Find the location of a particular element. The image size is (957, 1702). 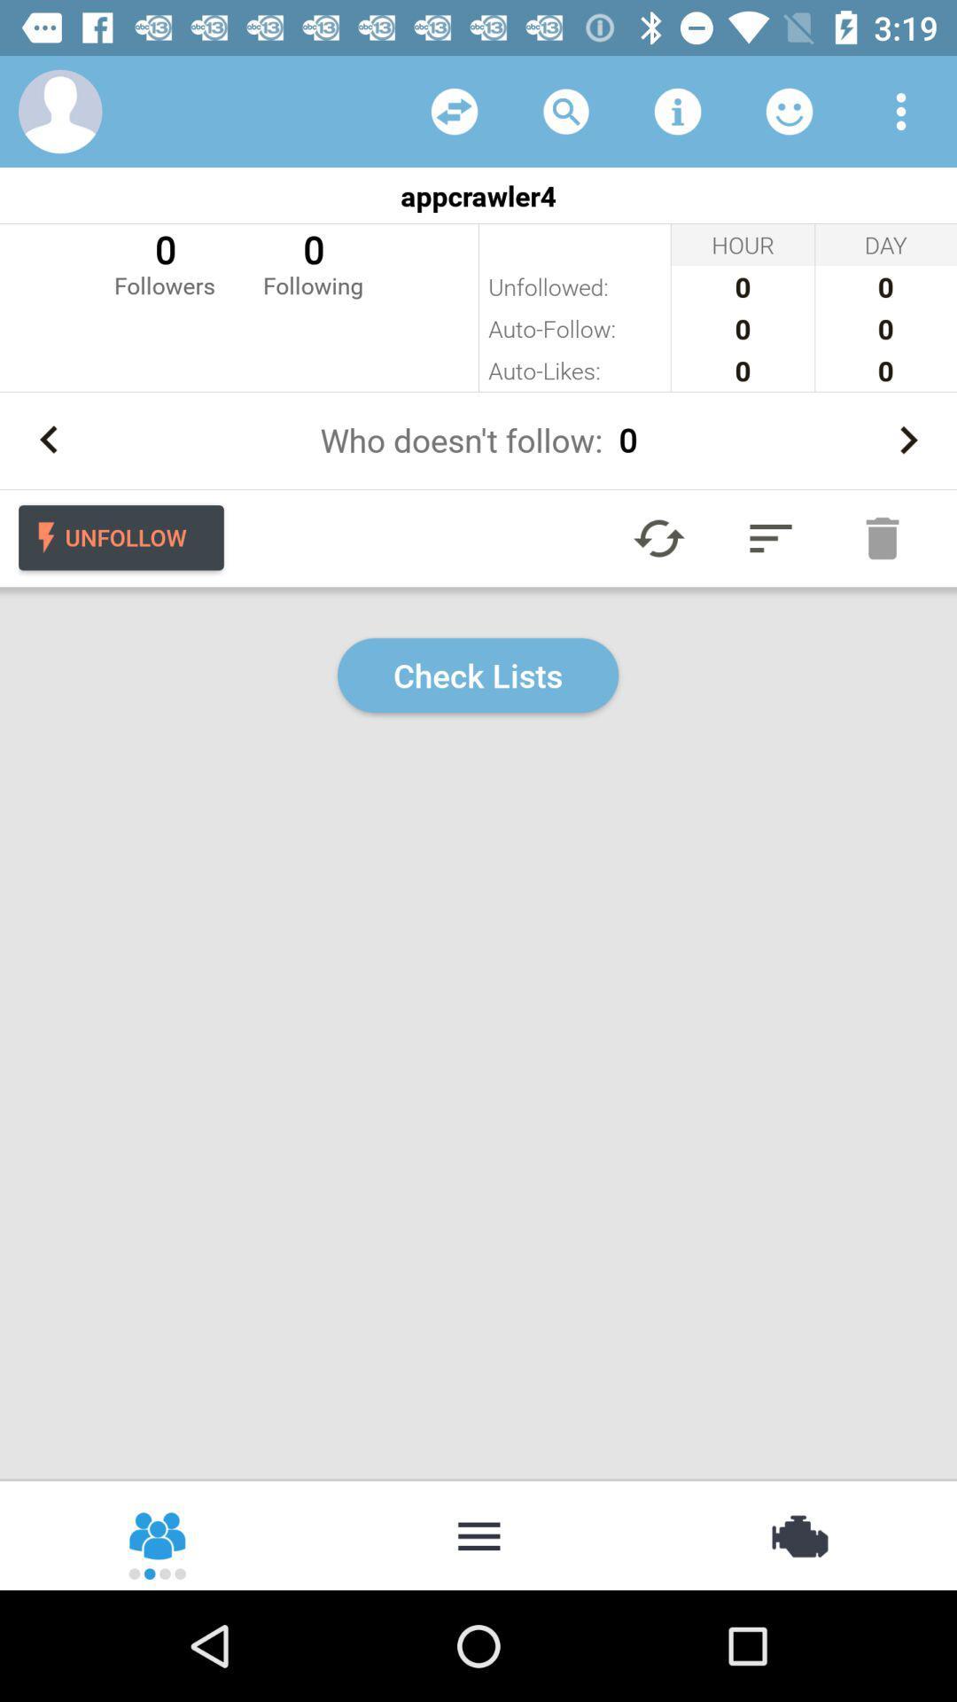

item below the who doesn t is located at coordinates (770, 537).